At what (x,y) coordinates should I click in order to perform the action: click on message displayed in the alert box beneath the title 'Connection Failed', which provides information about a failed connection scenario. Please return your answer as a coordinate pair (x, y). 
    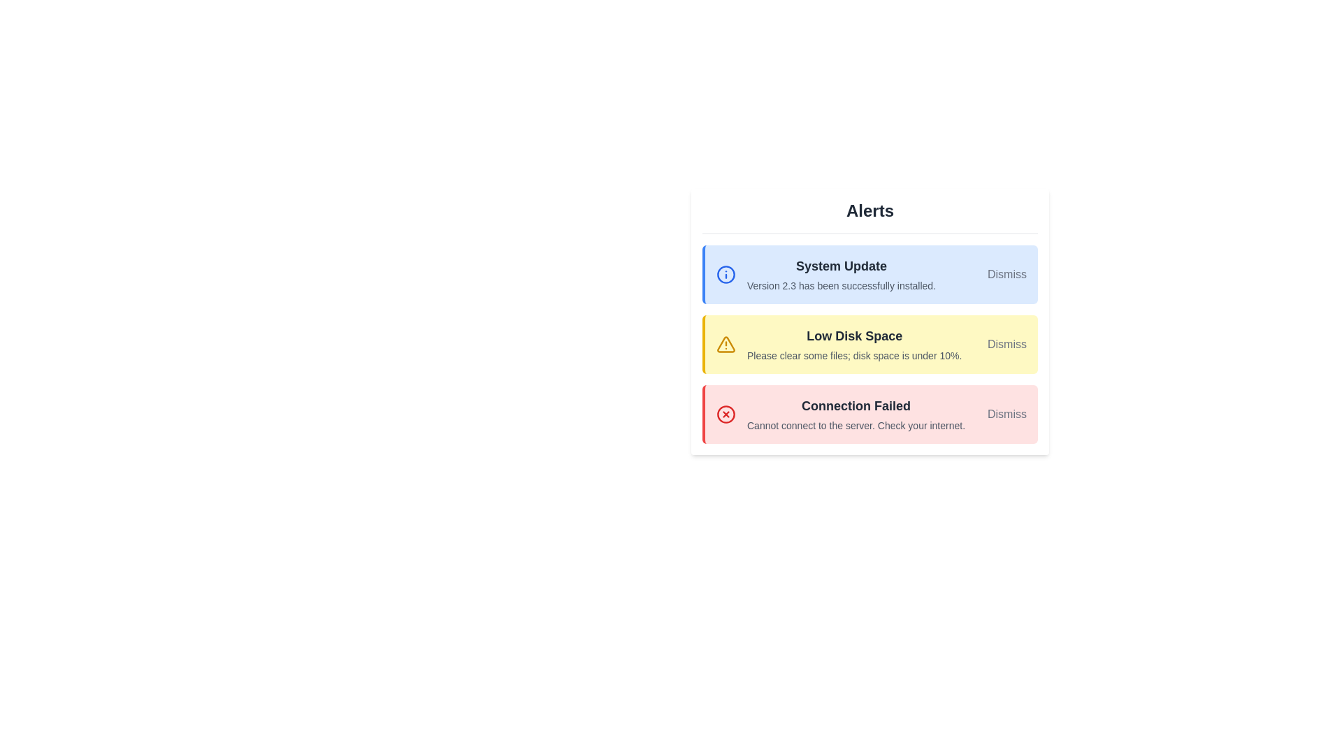
    Looking at the image, I should click on (855, 425).